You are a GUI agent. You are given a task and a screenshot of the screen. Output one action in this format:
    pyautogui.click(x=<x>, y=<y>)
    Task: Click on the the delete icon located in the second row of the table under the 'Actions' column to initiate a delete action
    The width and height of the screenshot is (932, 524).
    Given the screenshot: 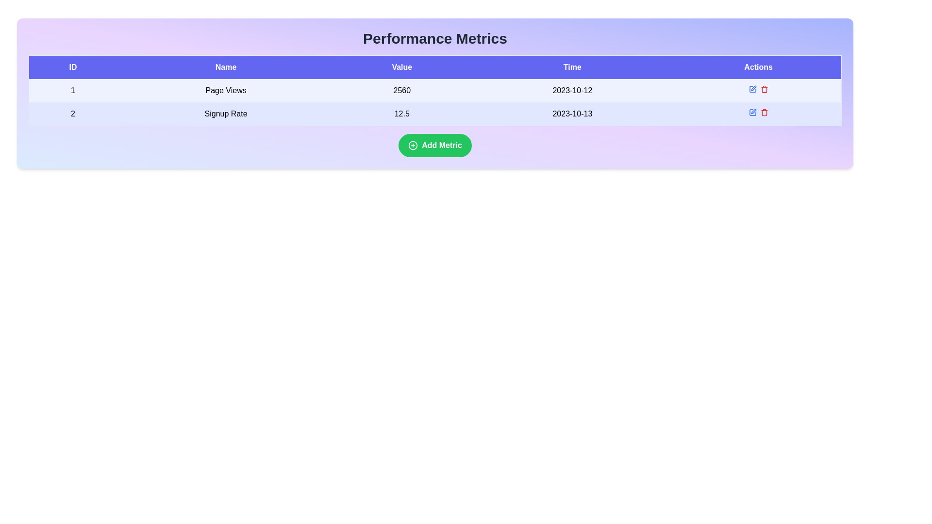 What is the action you would take?
    pyautogui.click(x=764, y=89)
    